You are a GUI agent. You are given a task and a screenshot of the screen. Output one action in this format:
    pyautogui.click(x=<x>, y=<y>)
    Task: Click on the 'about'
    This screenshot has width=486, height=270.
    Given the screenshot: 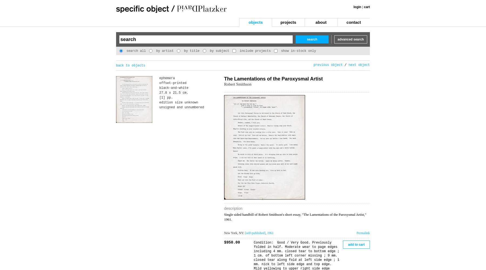 What is the action you would take?
    pyautogui.click(x=320, y=22)
    